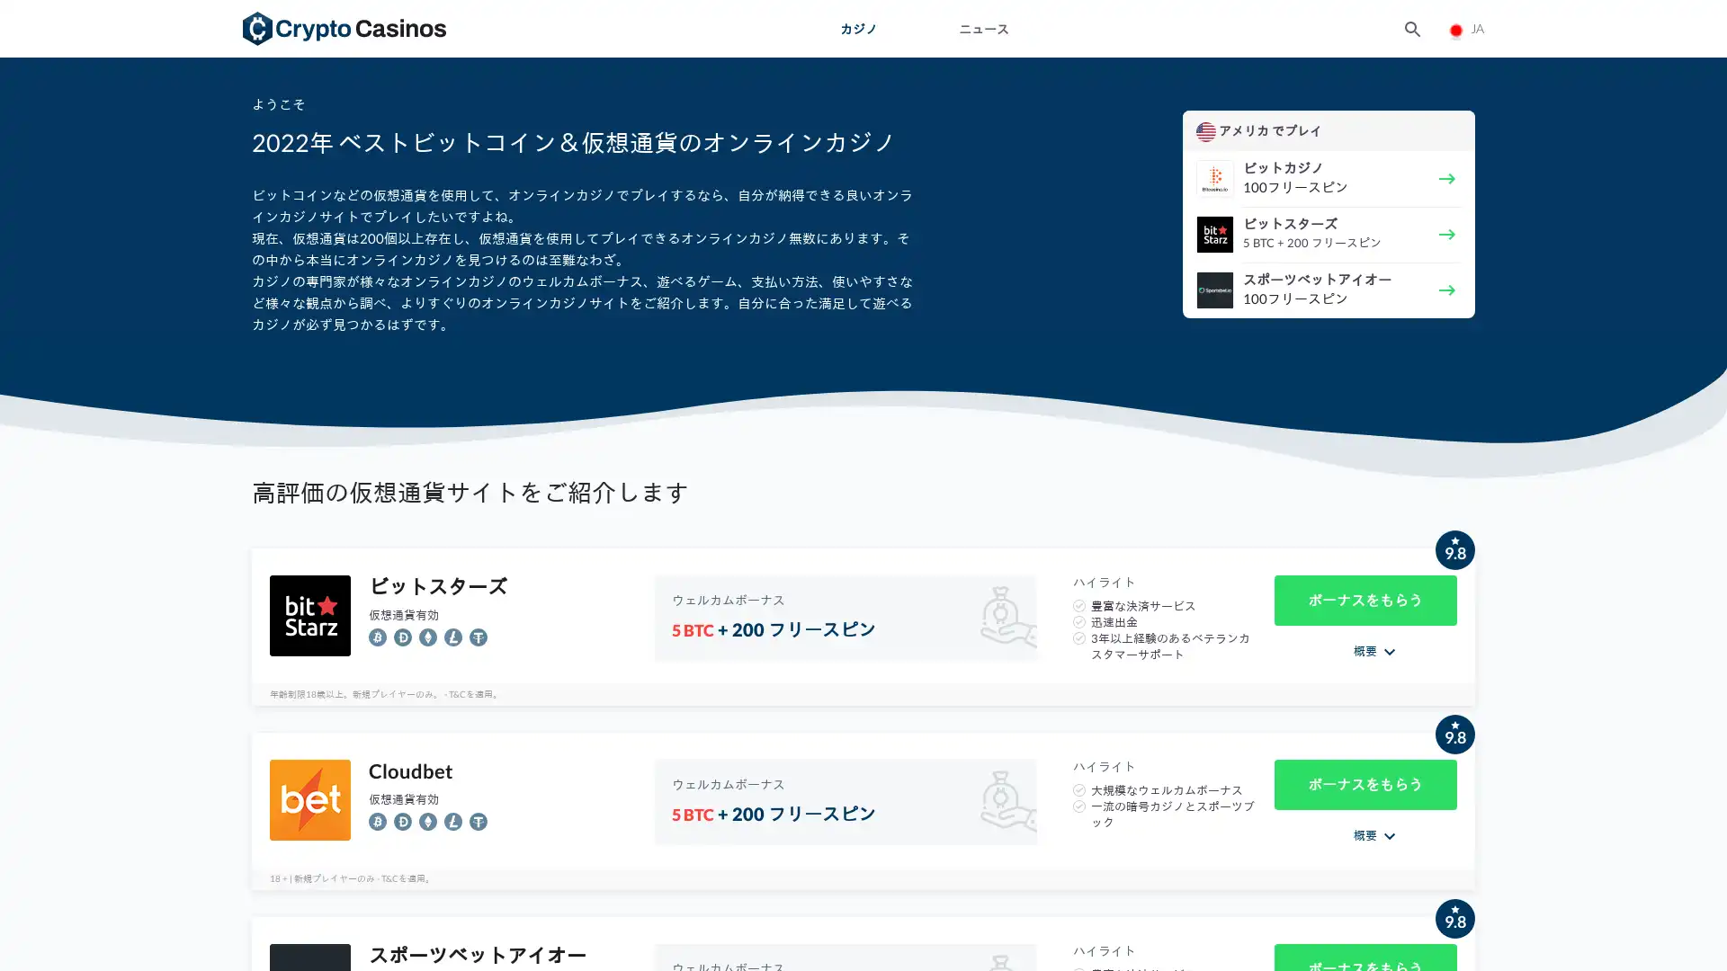 Image resolution: width=1727 pixels, height=971 pixels. I want to click on Search icon, so click(1411, 27).